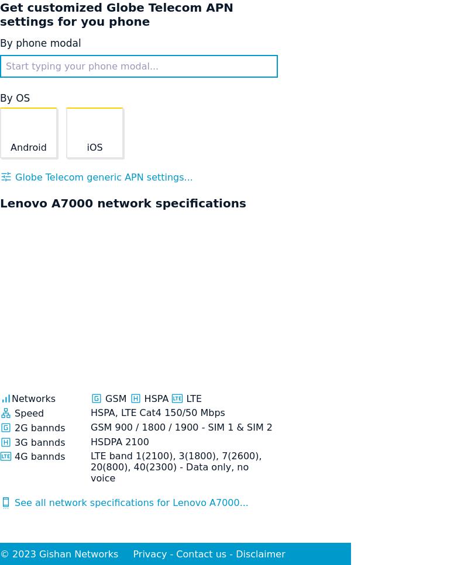  I want to click on 'Privacy', so click(149, 553).